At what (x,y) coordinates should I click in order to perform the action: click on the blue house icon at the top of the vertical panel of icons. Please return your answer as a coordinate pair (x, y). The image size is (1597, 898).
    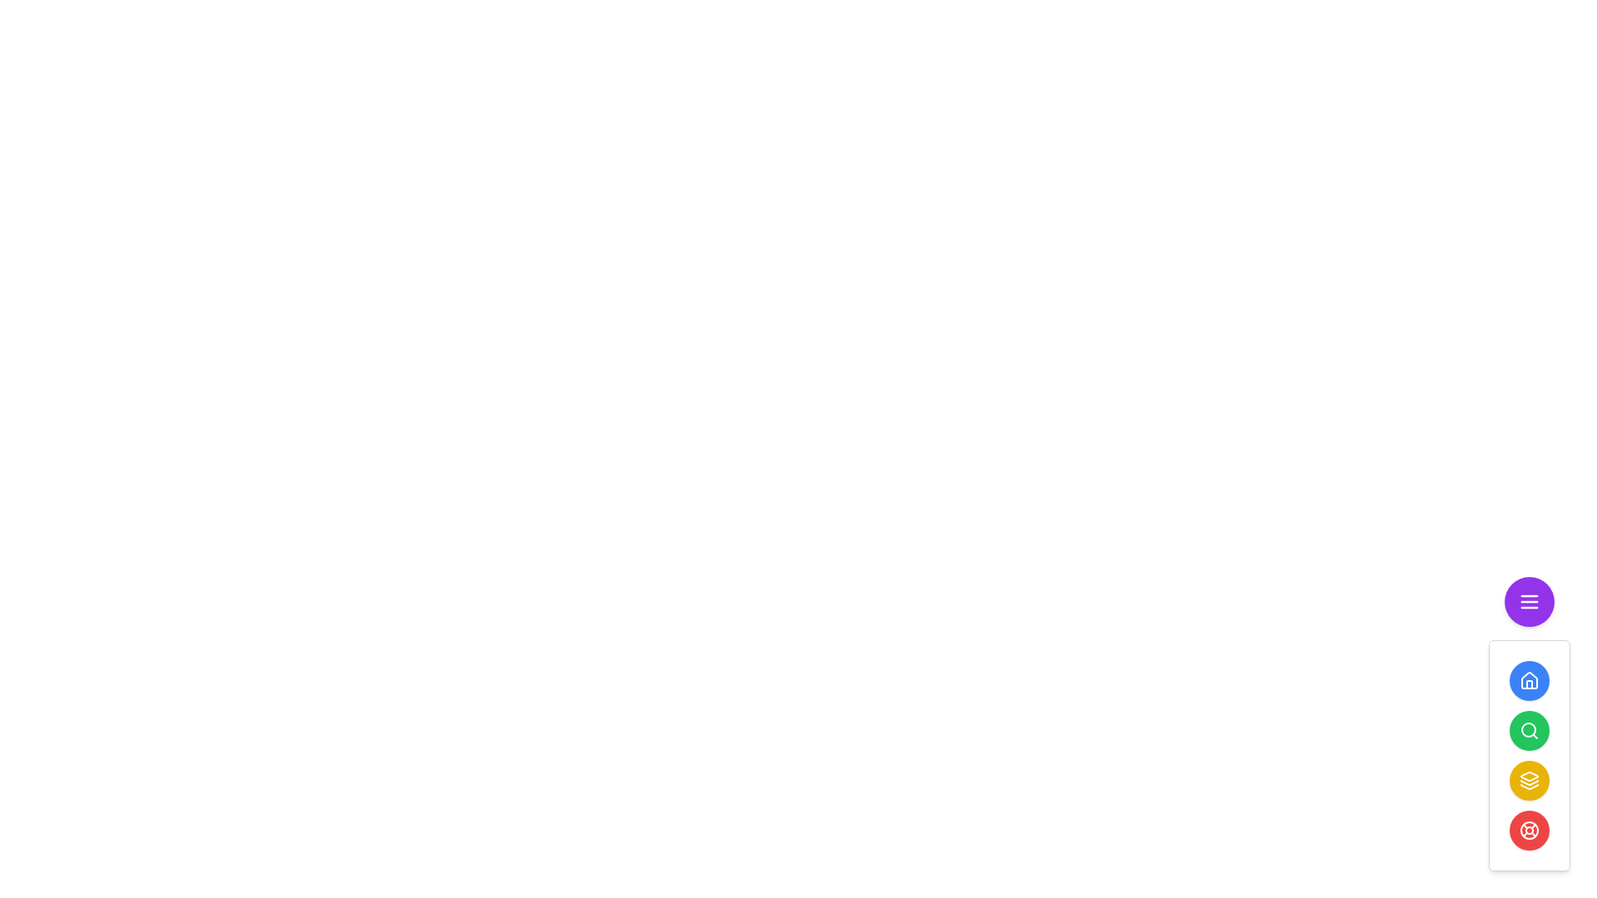
    Looking at the image, I should click on (1529, 679).